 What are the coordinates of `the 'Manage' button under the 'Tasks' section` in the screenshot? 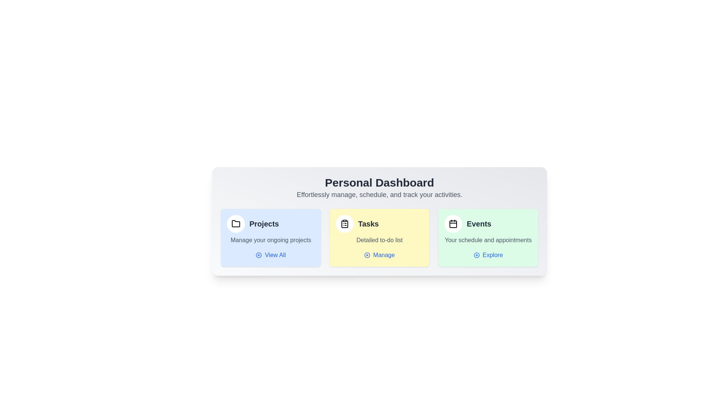 It's located at (379, 254).